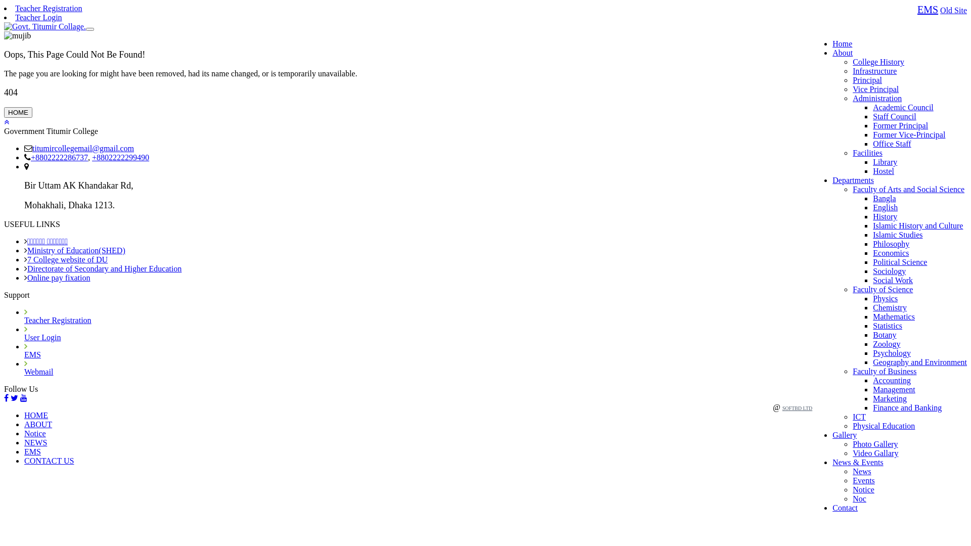 Image resolution: width=971 pixels, height=546 pixels. Describe the element at coordinates (875, 452) in the screenshot. I see `'Video Gallary'` at that location.